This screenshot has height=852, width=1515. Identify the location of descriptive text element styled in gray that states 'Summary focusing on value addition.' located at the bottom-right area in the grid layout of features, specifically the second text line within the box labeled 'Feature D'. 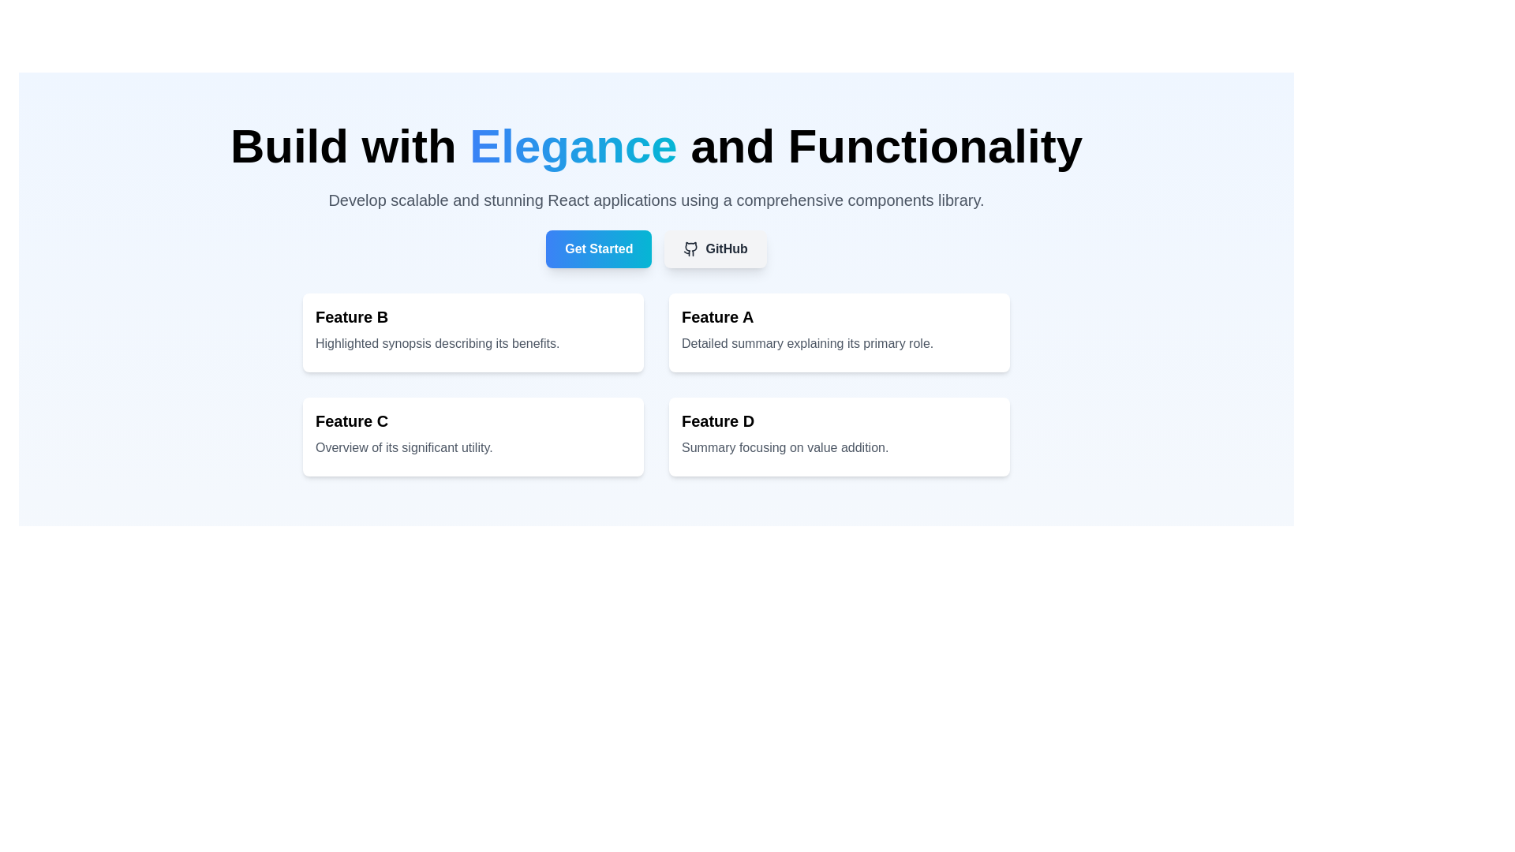
(839, 447).